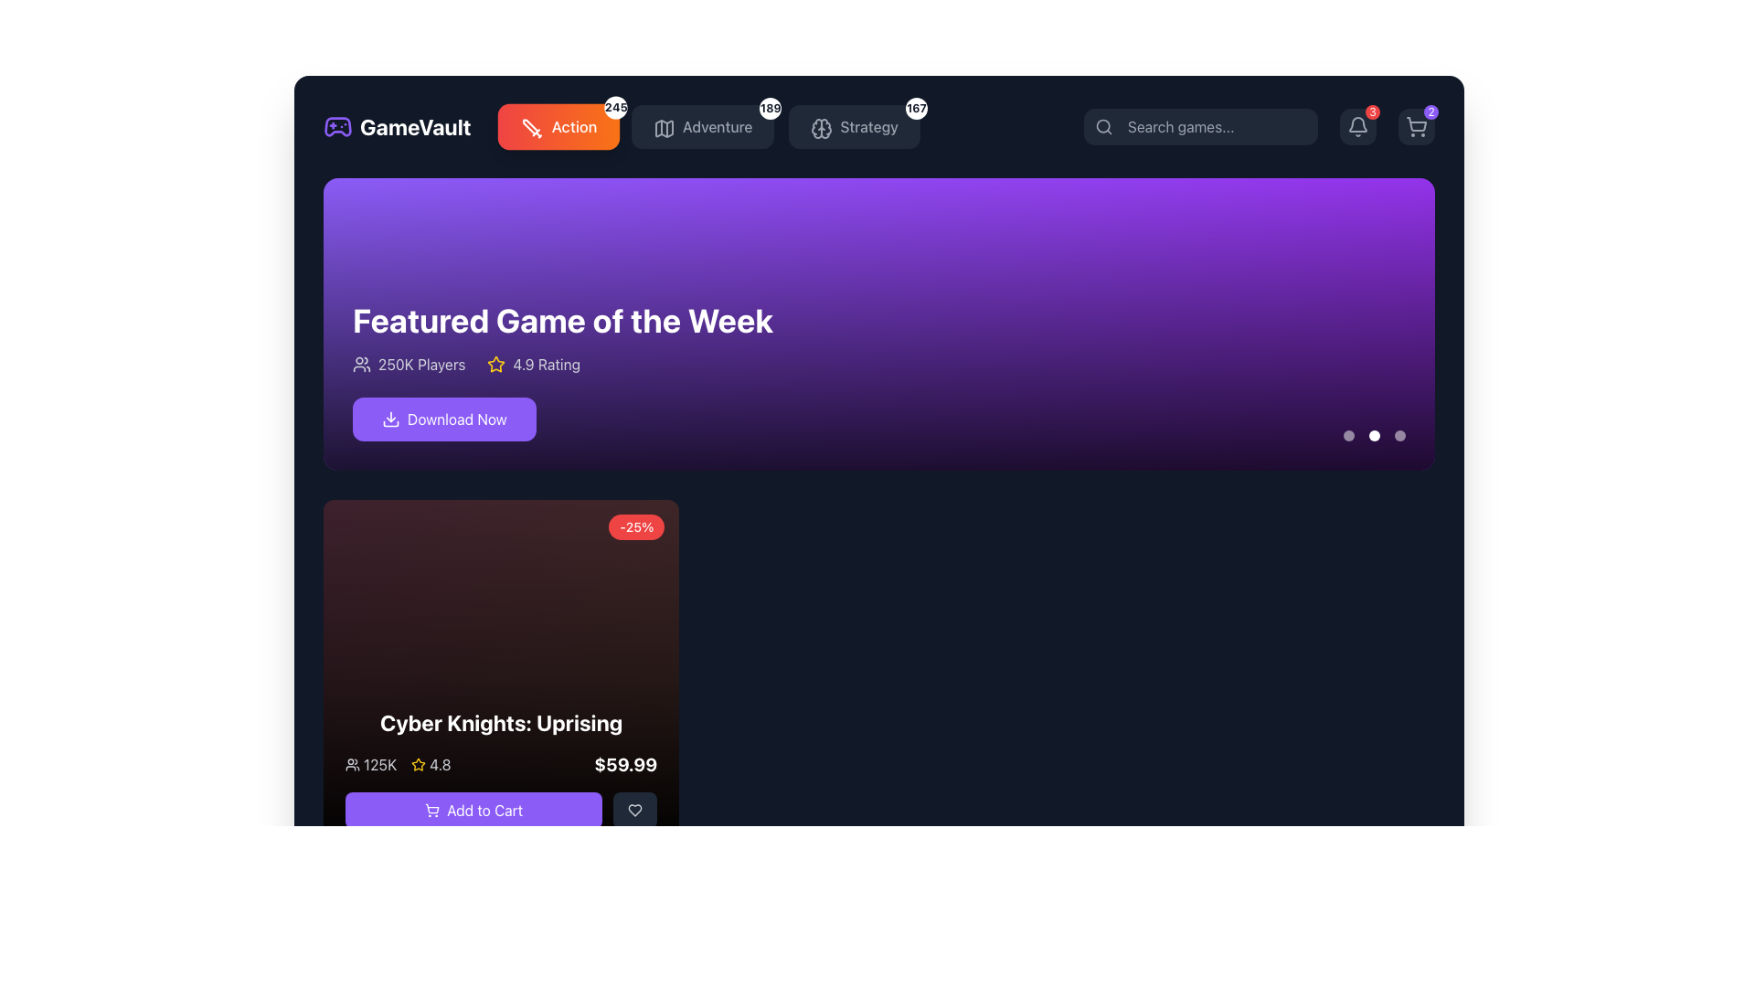 This screenshot has height=987, width=1755. What do you see at coordinates (1373, 112) in the screenshot?
I see `the Notification badge located at the top-right corner of the bell icon in the navigation bar` at bounding box center [1373, 112].